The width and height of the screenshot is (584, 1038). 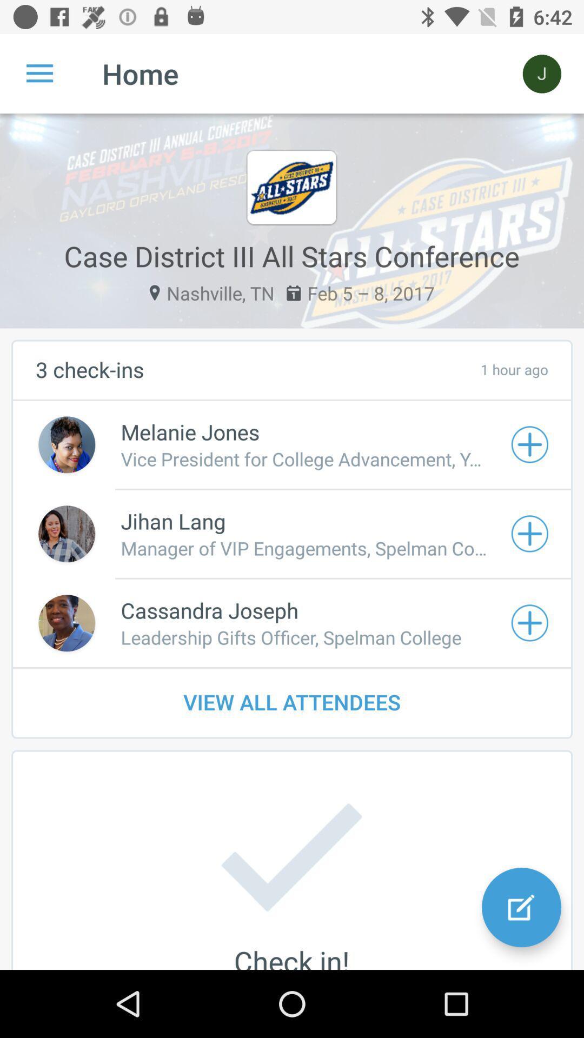 I want to click on the icon to the left of home icon, so click(x=39, y=73).